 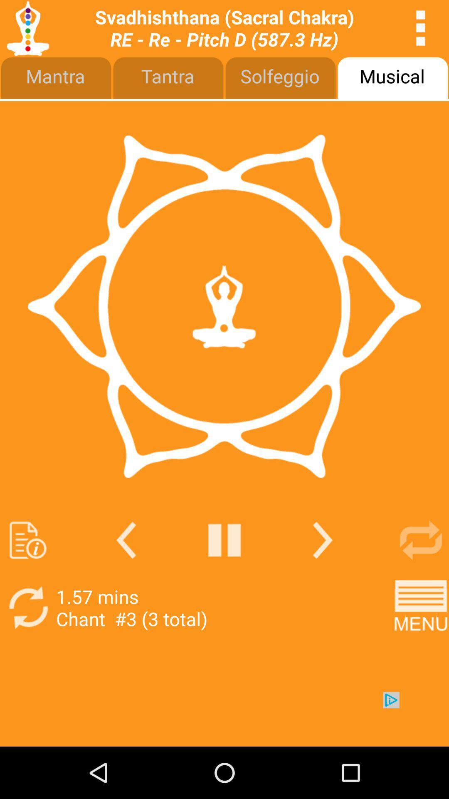 I want to click on option, so click(x=224, y=540).